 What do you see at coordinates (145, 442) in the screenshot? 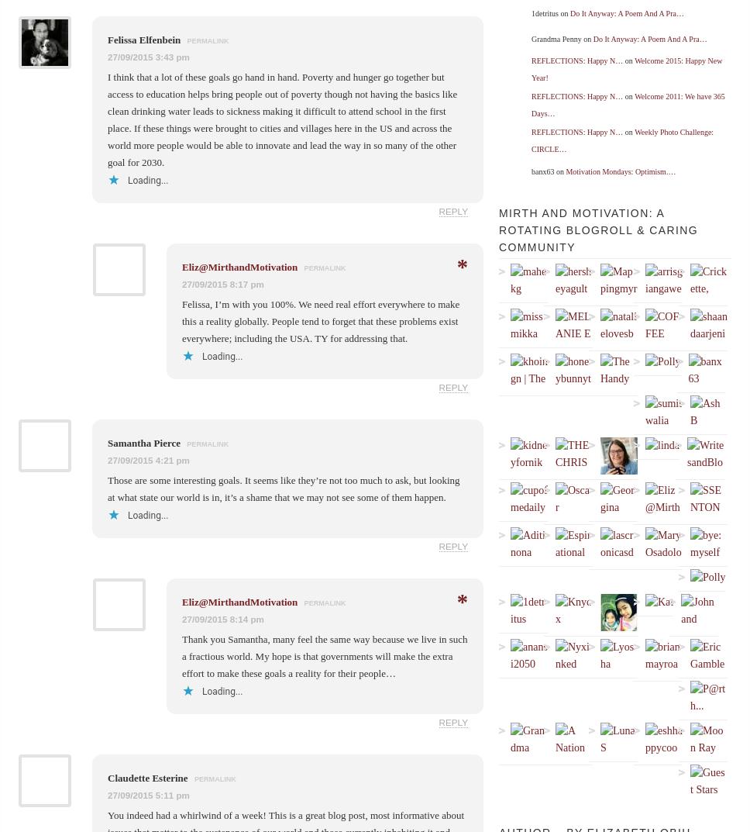
I see `'Samantha Pierce'` at bounding box center [145, 442].